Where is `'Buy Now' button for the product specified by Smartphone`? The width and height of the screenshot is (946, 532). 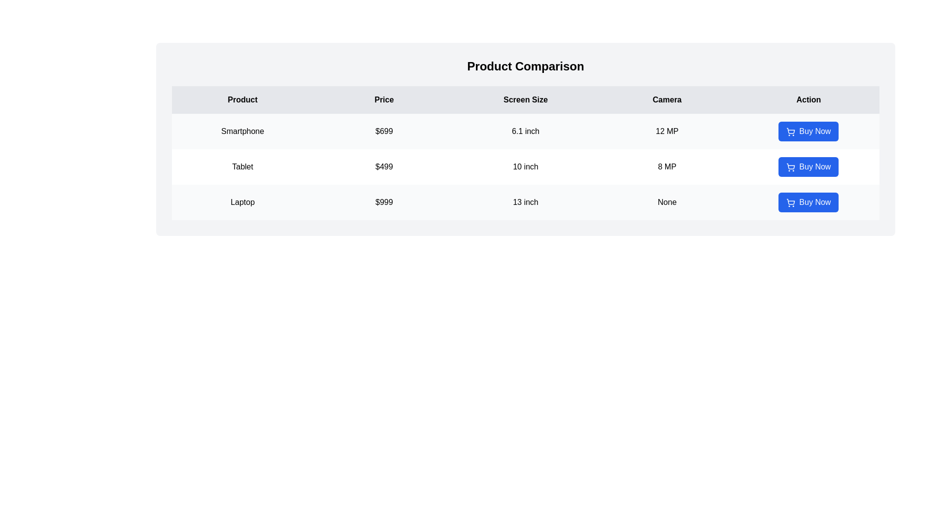
'Buy Now' button for the product specified by Smartphone is located at coordinates (809, 131).